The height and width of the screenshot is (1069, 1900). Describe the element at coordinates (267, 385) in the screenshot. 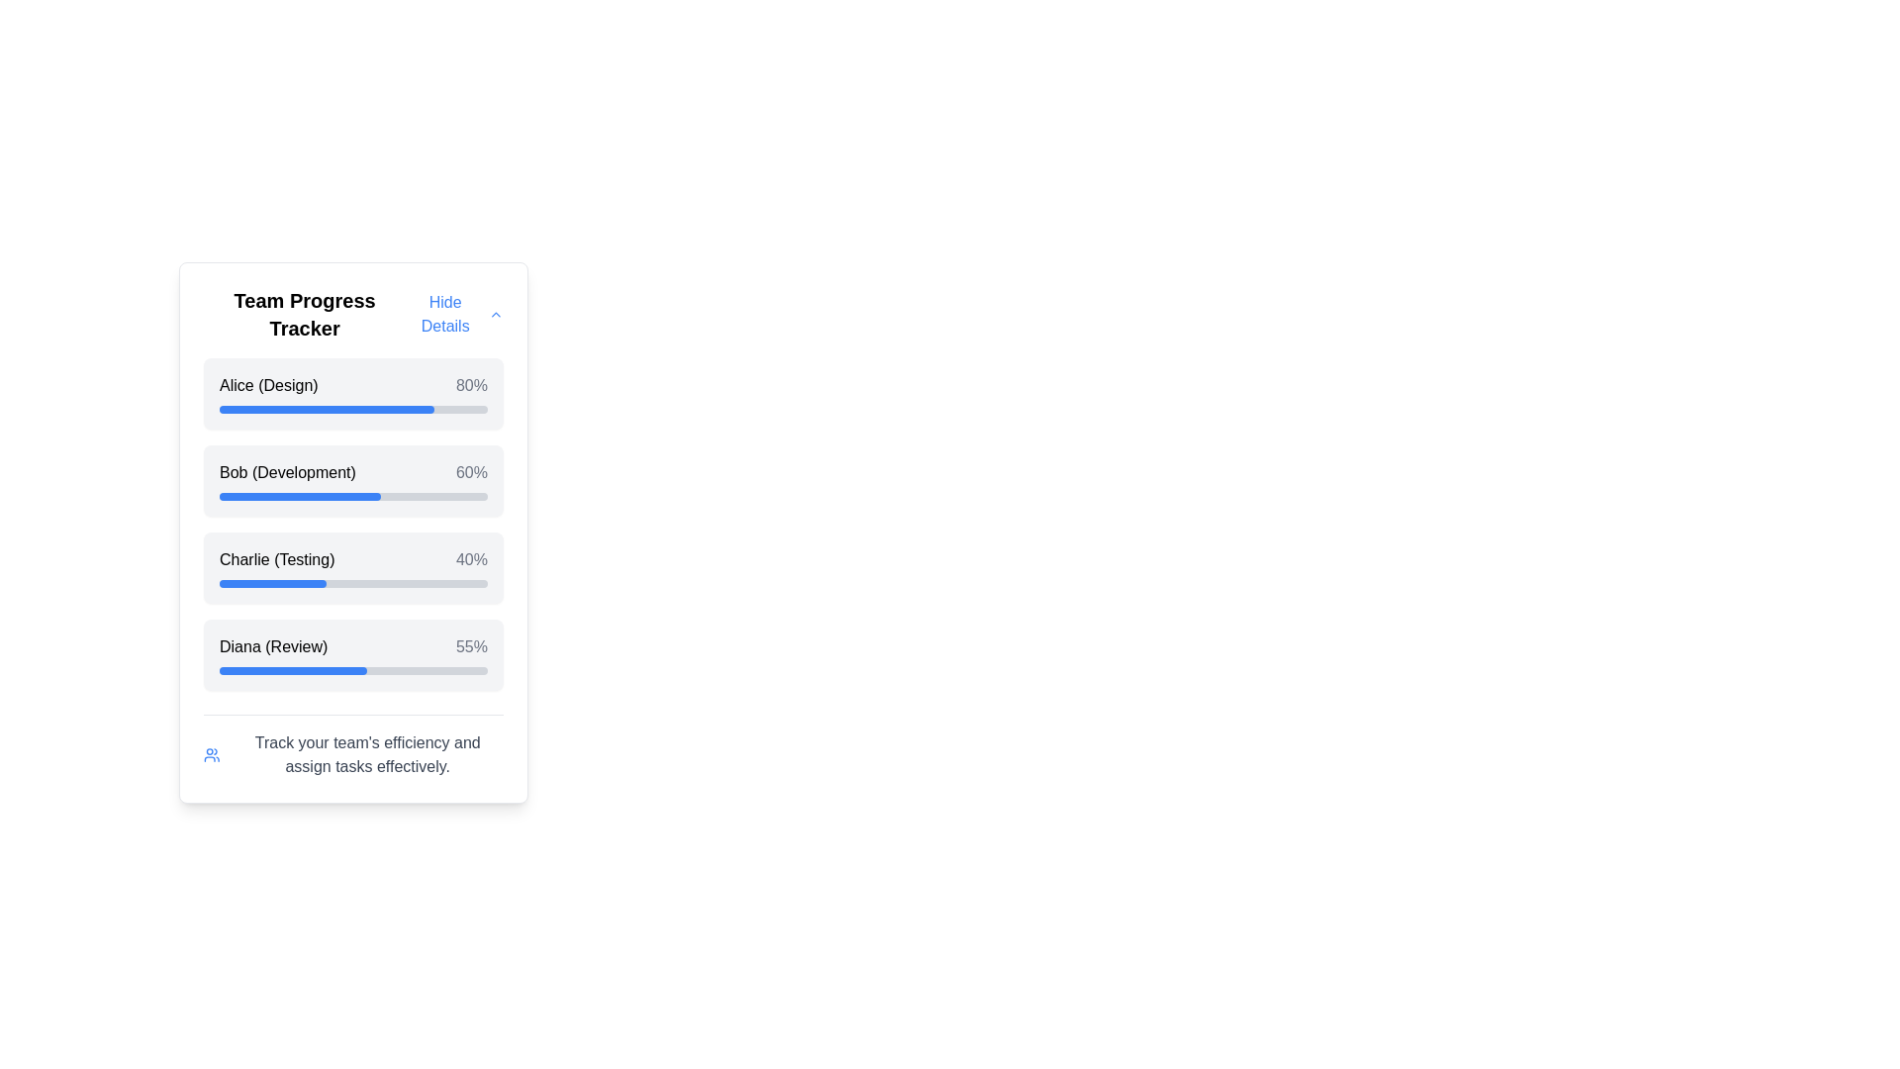

I see `the text label displaying 'Alice (Design)' which indicates the progress tracking information for Alice` at that location.